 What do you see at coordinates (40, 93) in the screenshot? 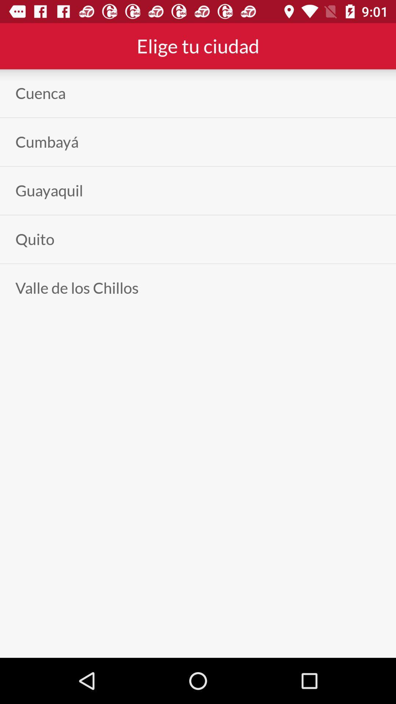
I see `the cuenca app` at bounding box center [40, 93].